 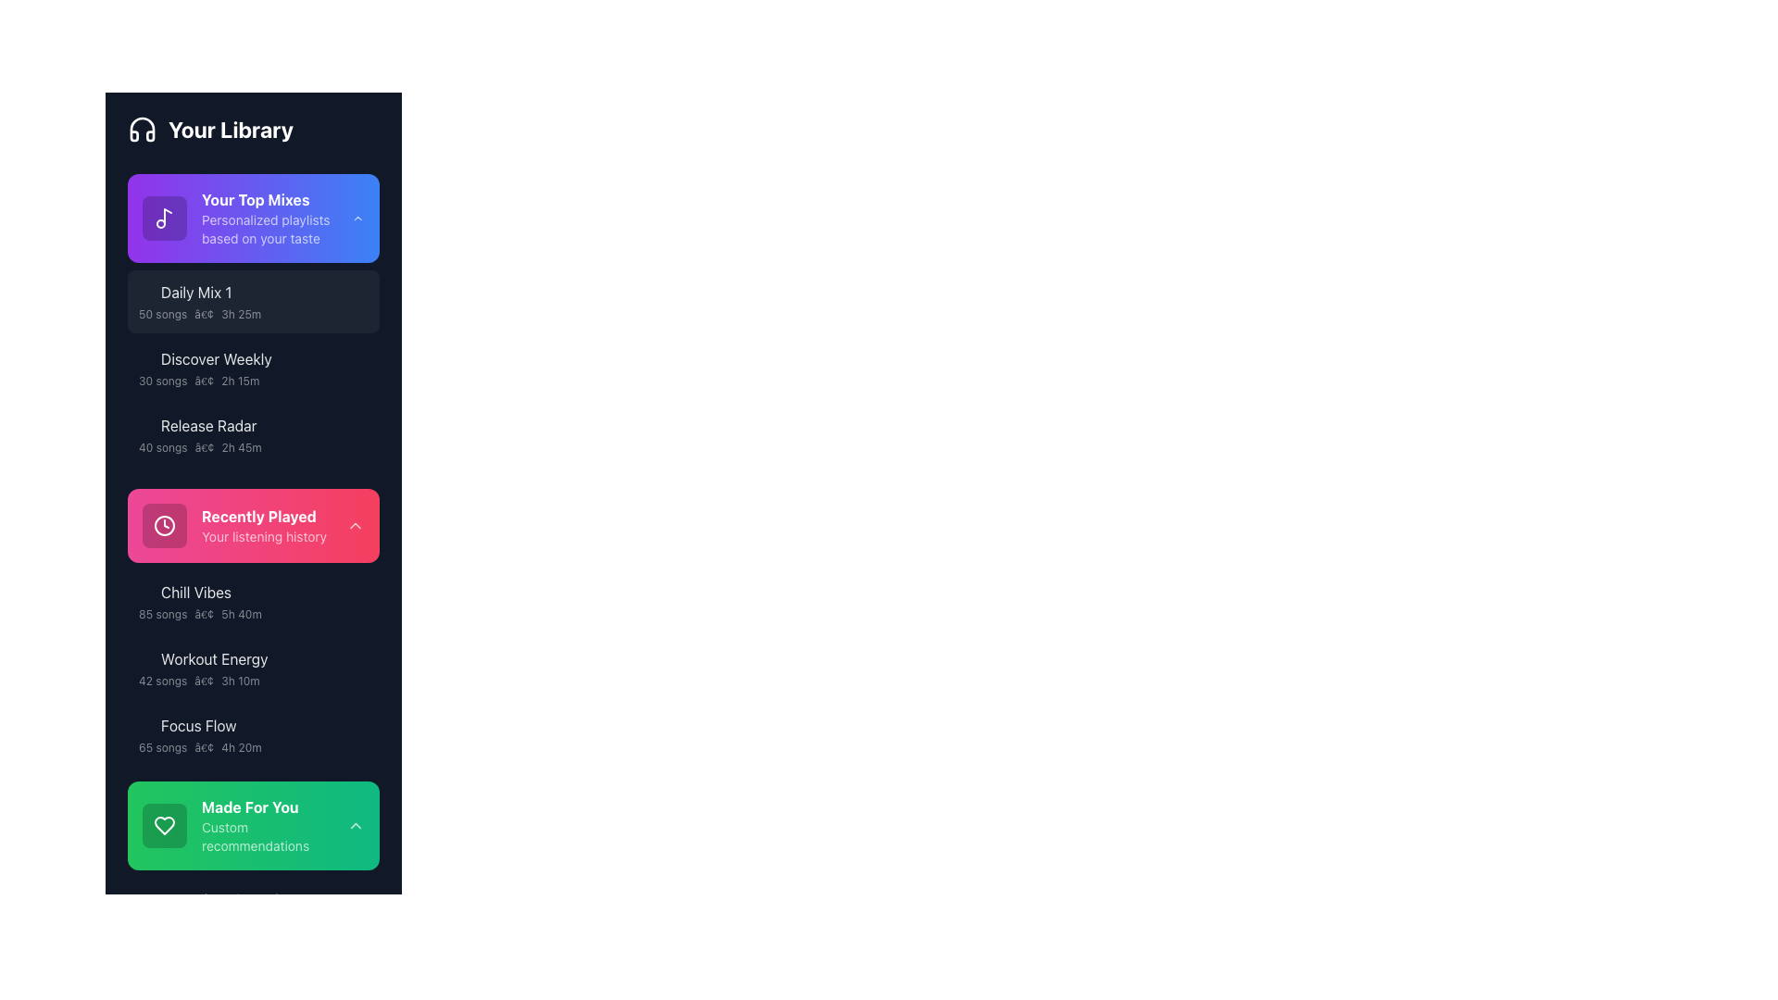 I want to click on the text label 'Focus Flow', which is the fifth item in the playlist menu, positioned below 'Workout Energy' and above 'Made For You', so click(x=198, y=724).